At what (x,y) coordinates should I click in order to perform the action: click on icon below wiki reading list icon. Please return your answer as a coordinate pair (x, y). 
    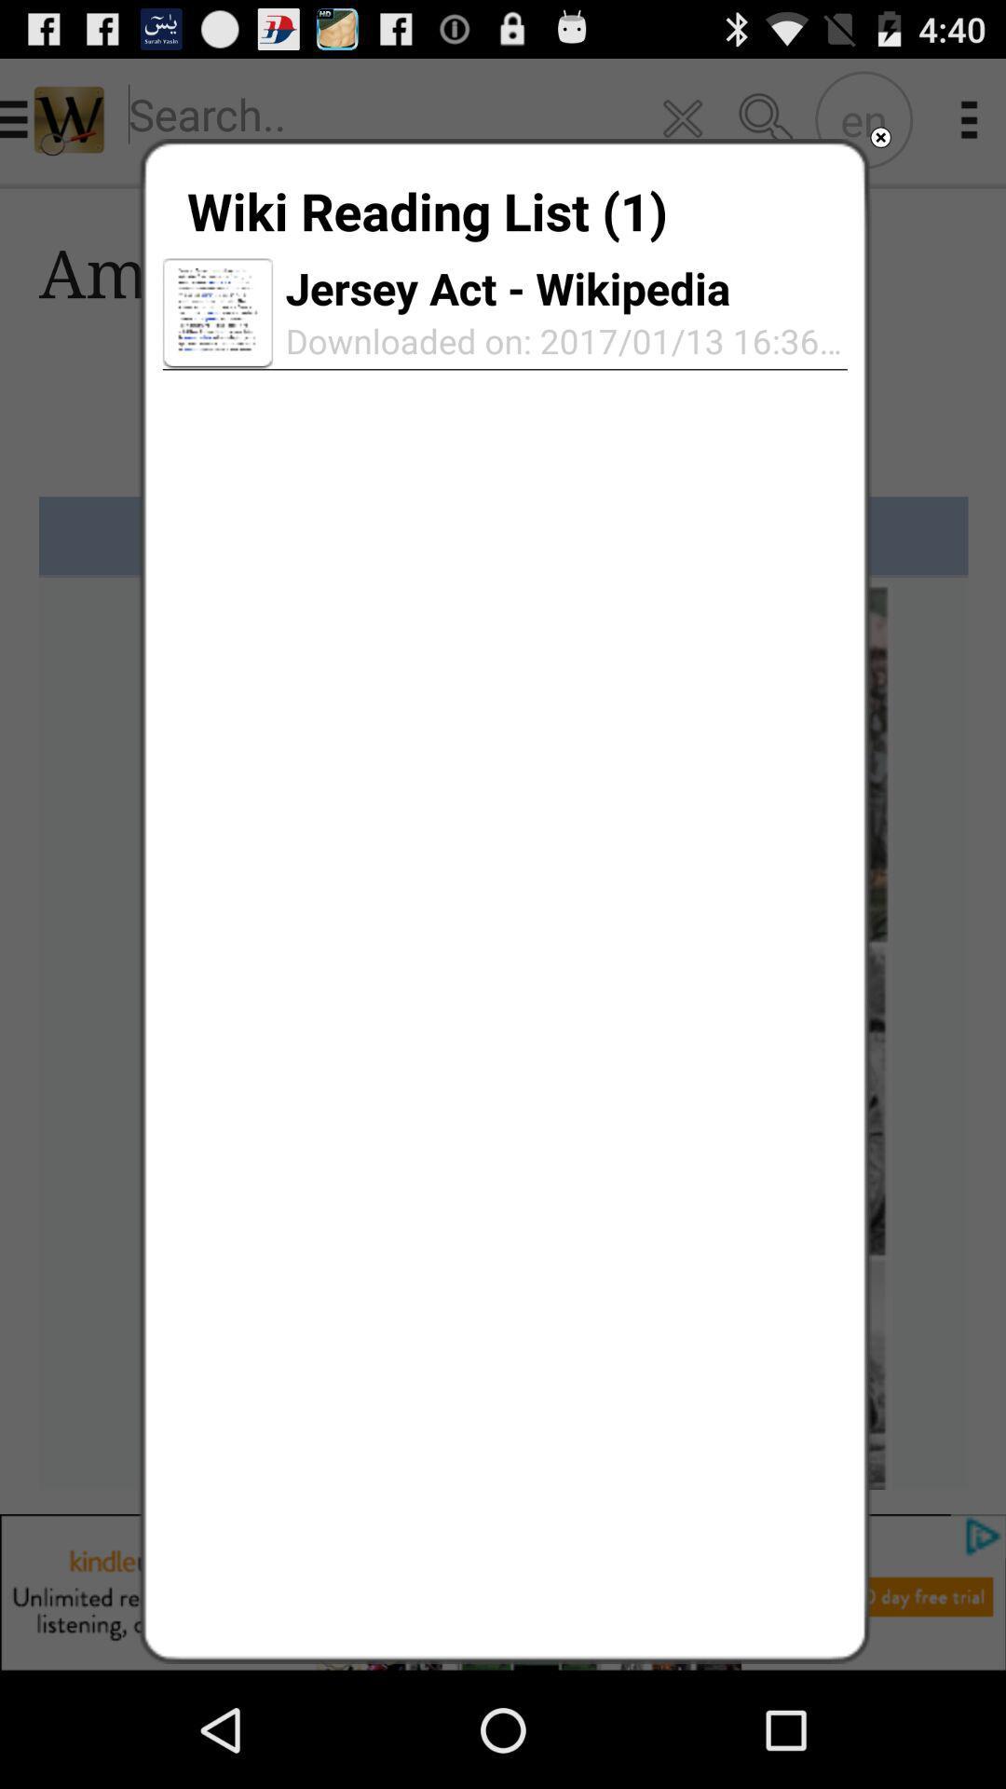
    Looking at the image, I should click on (508, 287).